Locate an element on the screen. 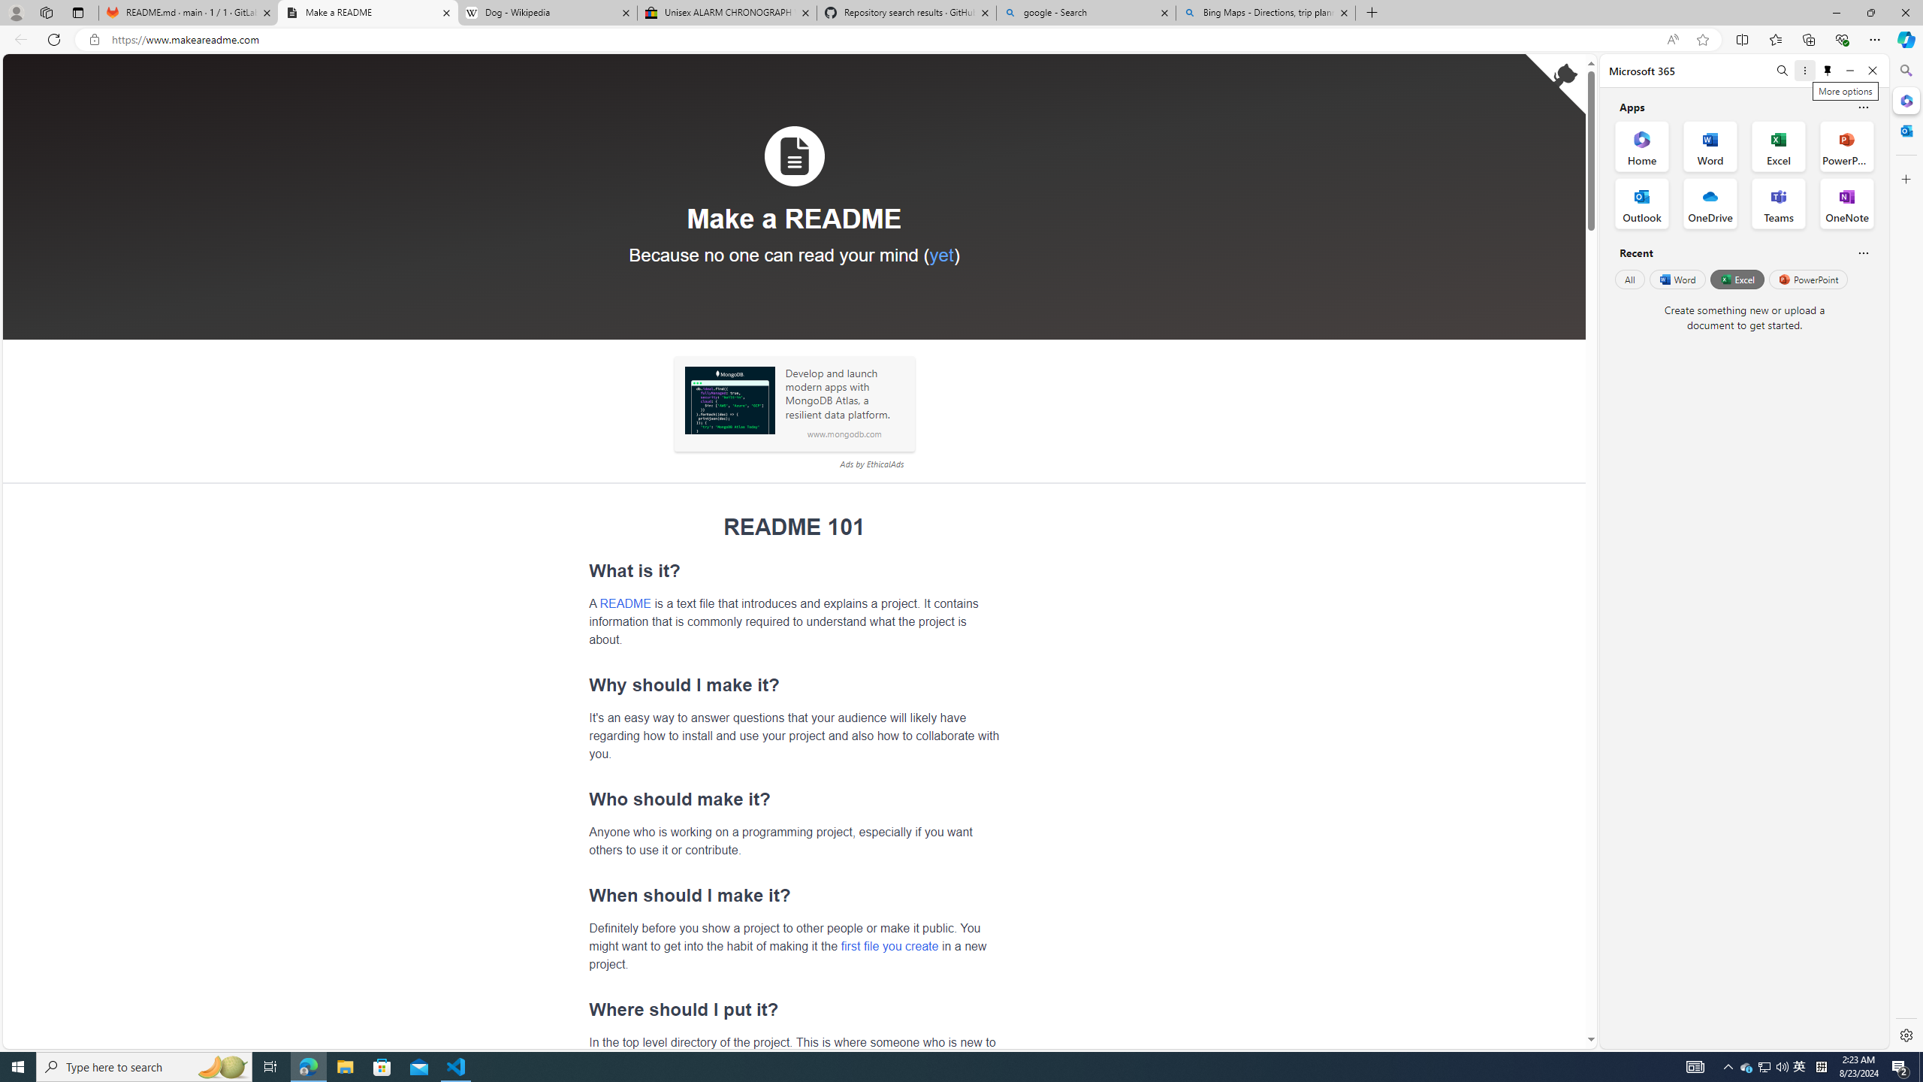  'Is this helpful?' is located at coordinates (1862, 252).